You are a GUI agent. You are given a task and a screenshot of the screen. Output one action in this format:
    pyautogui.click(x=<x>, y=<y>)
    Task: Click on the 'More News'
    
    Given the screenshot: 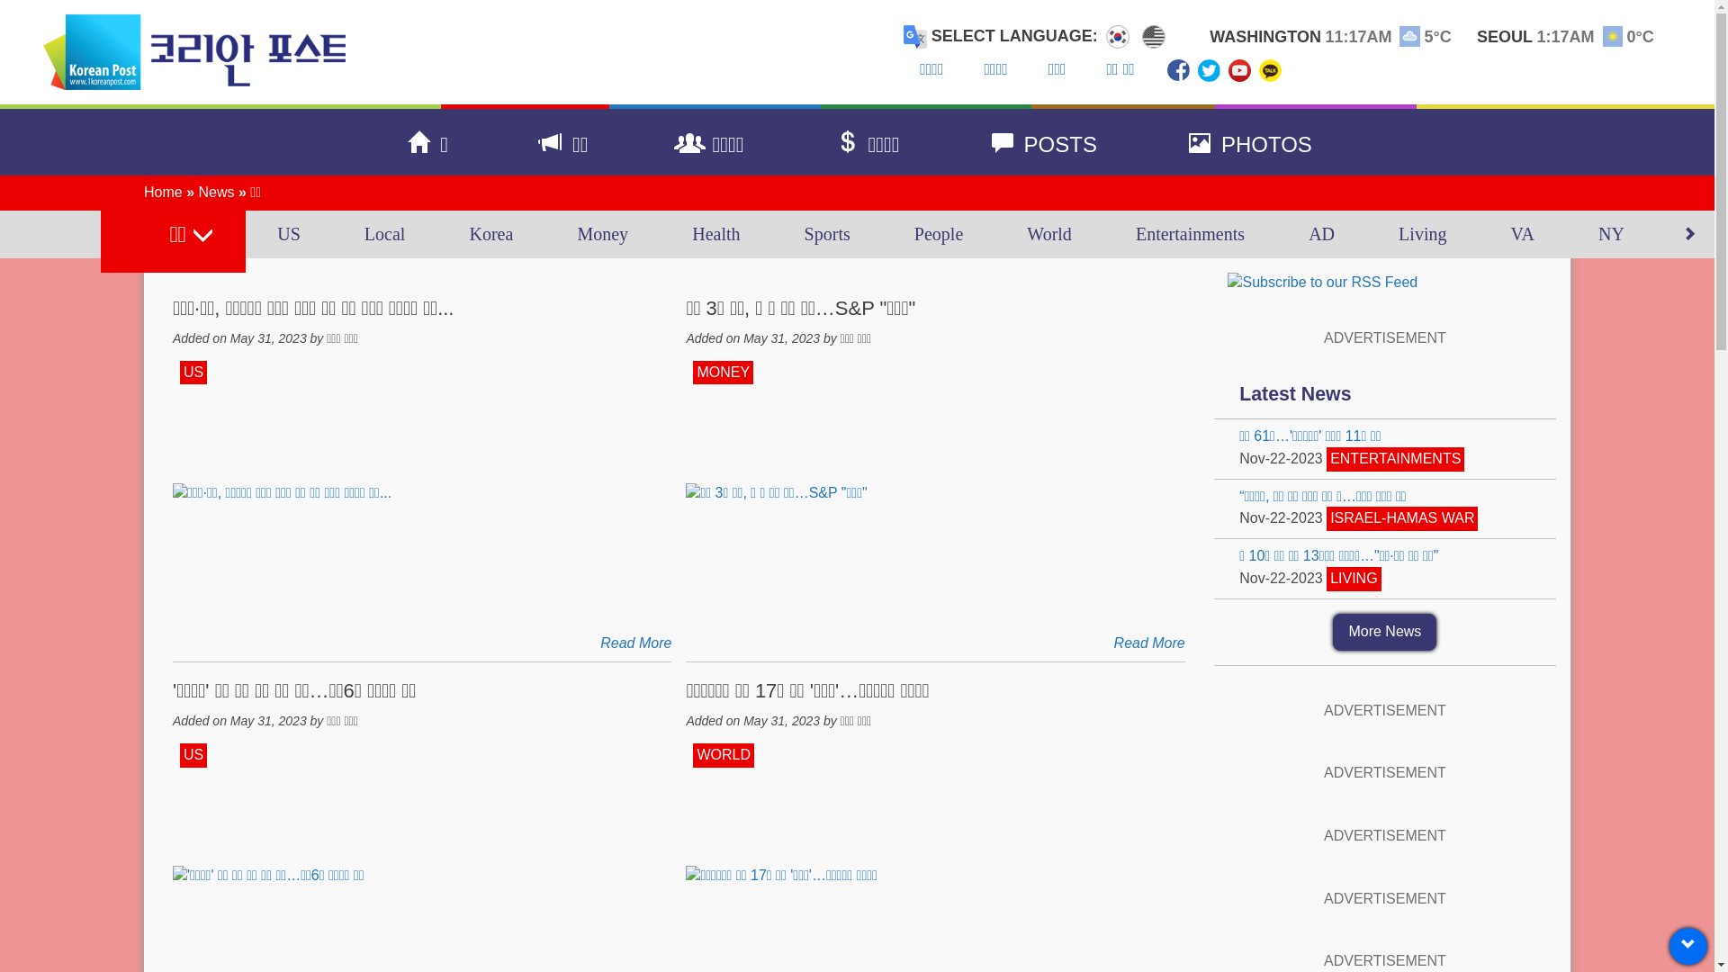 What is the action you would take?
    pyautogui.click(x=1333, y=631)
    